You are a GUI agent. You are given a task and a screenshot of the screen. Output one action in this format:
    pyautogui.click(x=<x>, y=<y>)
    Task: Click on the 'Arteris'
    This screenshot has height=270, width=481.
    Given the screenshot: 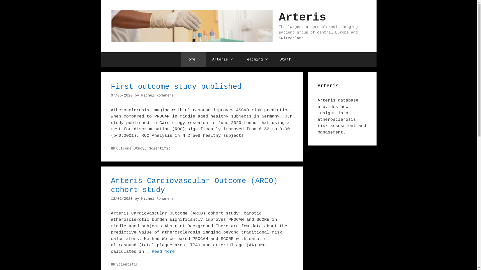 What is the action you would take?
    pyautogui.click(x=191, y=26)
    